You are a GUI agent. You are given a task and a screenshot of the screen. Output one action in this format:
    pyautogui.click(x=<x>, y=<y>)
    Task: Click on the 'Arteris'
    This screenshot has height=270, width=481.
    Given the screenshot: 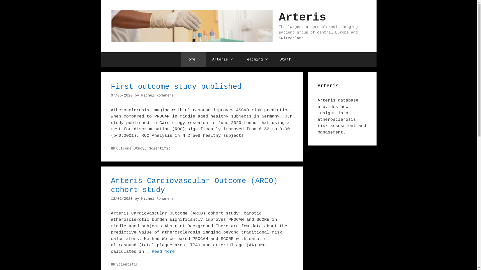 What is the action you would take?
    pyautogui.click(x=191, y=26)
    